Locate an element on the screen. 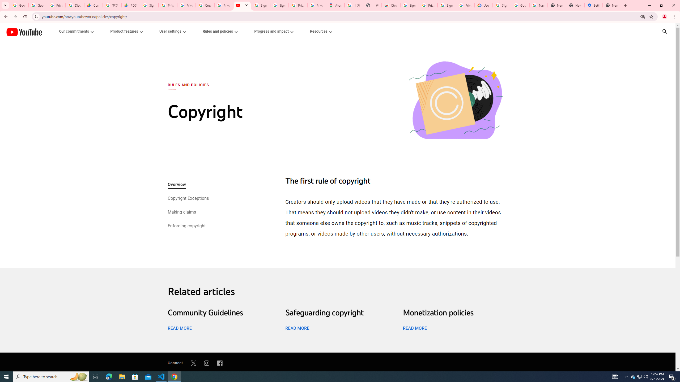  'Turn cookies on or off - Computer - Google Account Help' is located at coordinates (538, 5).